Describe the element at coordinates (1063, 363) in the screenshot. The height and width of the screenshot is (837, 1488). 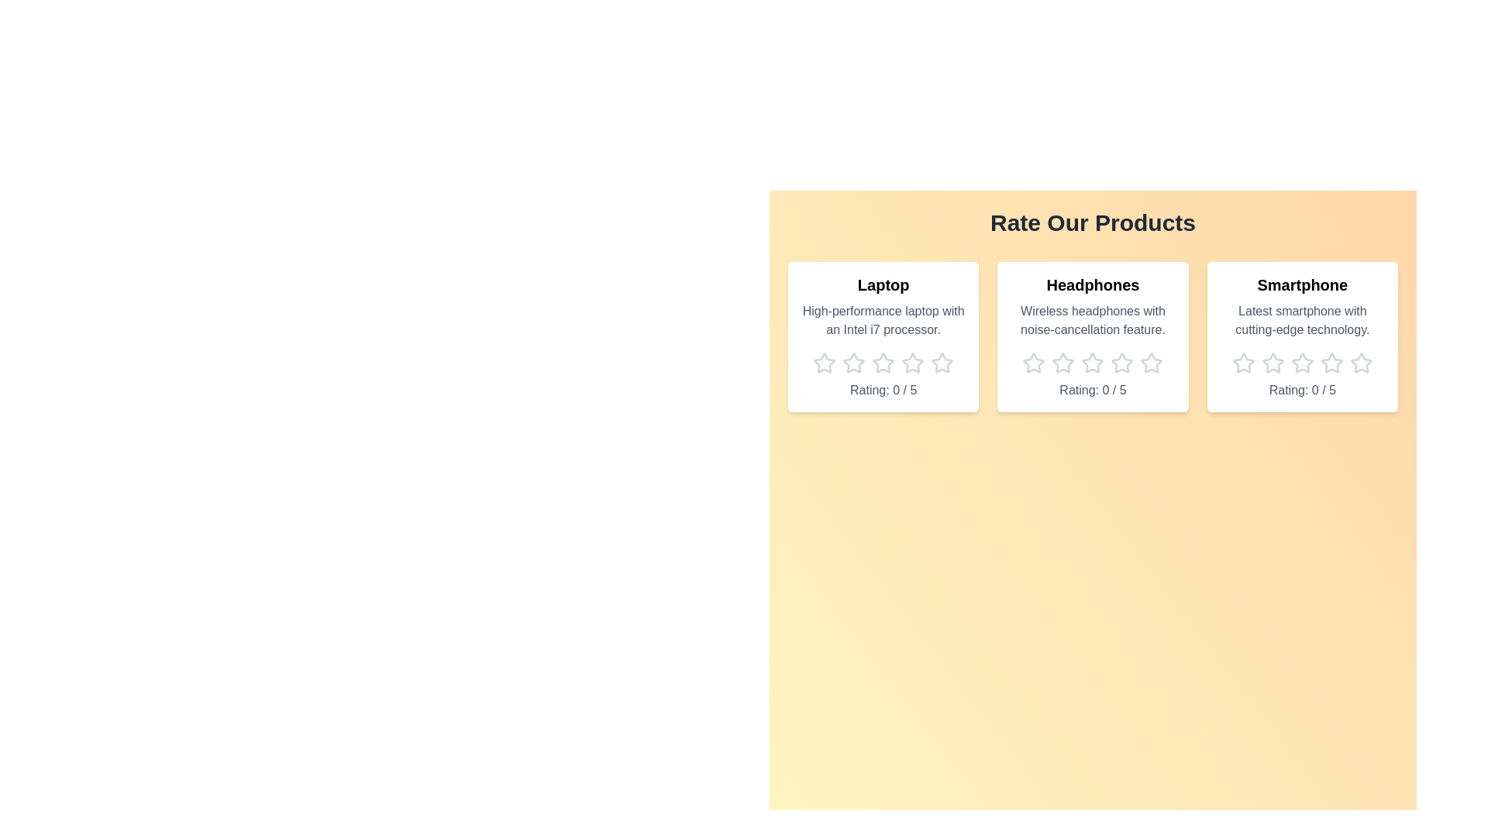
I see `the star icon corresponding to 2 stars for the product Headphones` at that location.